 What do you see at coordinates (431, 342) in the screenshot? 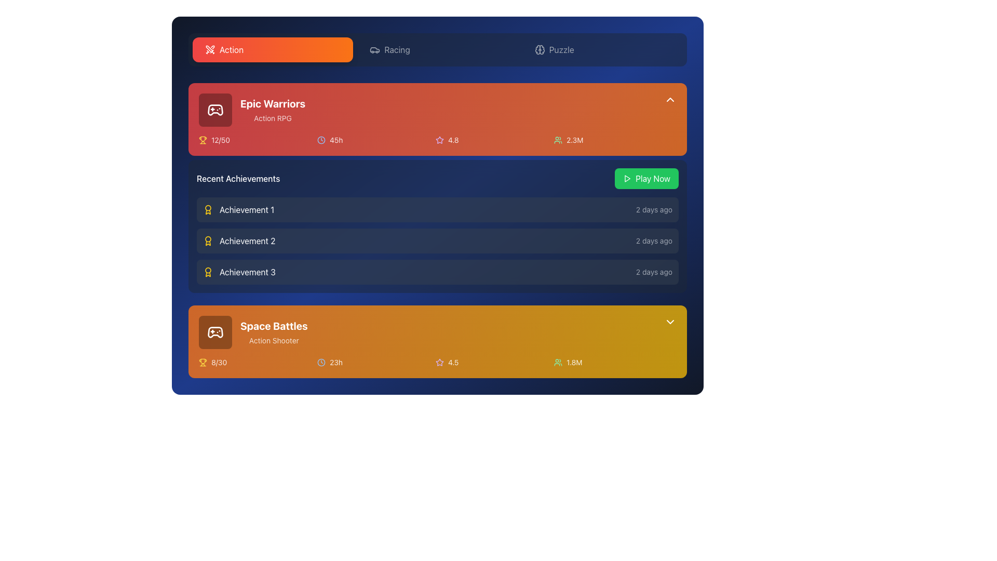
I see `the 'Space Battles' game card` at bounding box center [431, 342].